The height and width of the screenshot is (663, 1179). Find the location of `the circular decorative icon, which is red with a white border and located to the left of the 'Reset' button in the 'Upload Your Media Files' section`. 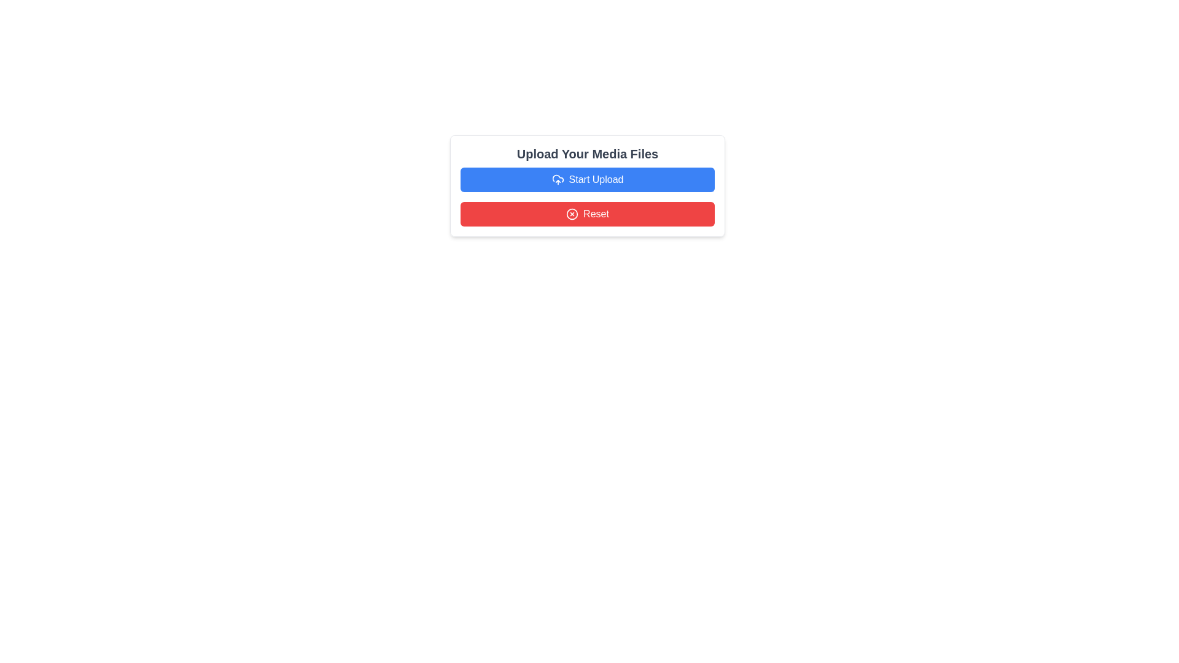

the circular decorative icon, which is red with a white border and located to the left of the 'Reset' button in the 'Upload Your Media Files' section is located at coordinates (572, 213).